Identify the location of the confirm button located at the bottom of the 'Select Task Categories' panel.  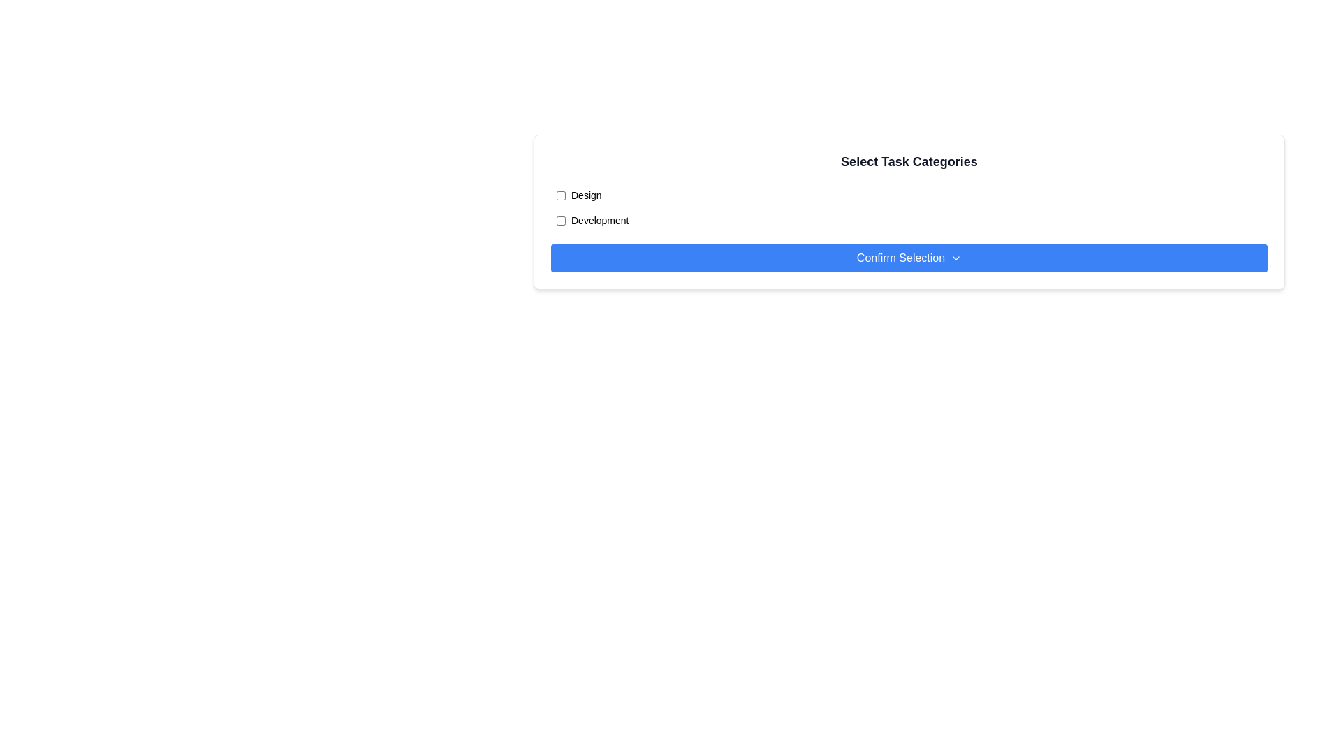
(909, 258).